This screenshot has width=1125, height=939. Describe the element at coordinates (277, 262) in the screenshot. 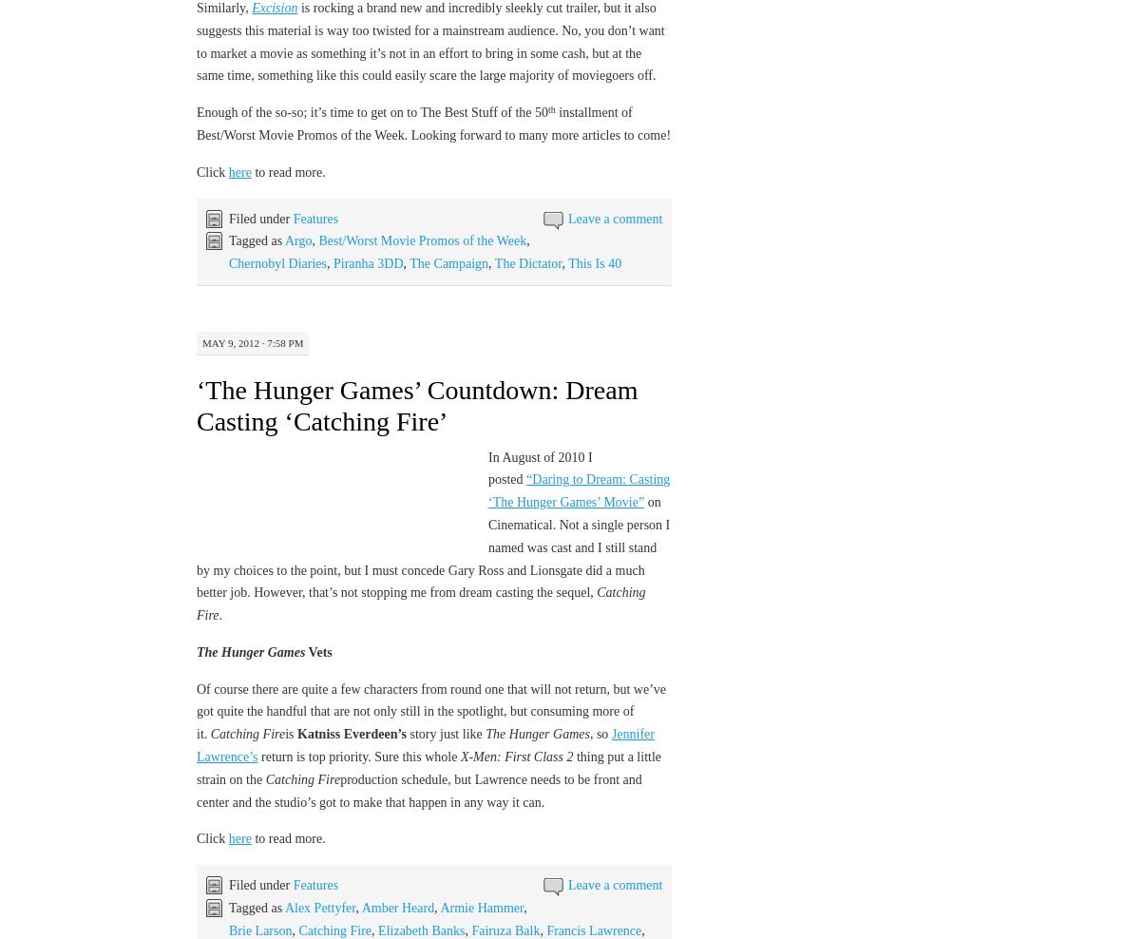

I see `'Chernobyl Diaries'` at that location.